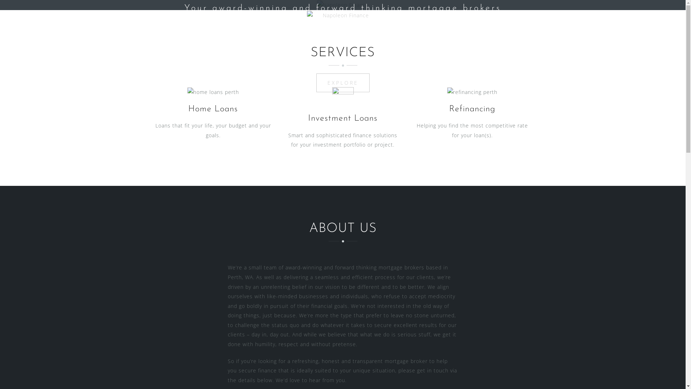  Describe the element at coordinates (212, 109) in the screenshot. I see `'Home Loans'` at that location.